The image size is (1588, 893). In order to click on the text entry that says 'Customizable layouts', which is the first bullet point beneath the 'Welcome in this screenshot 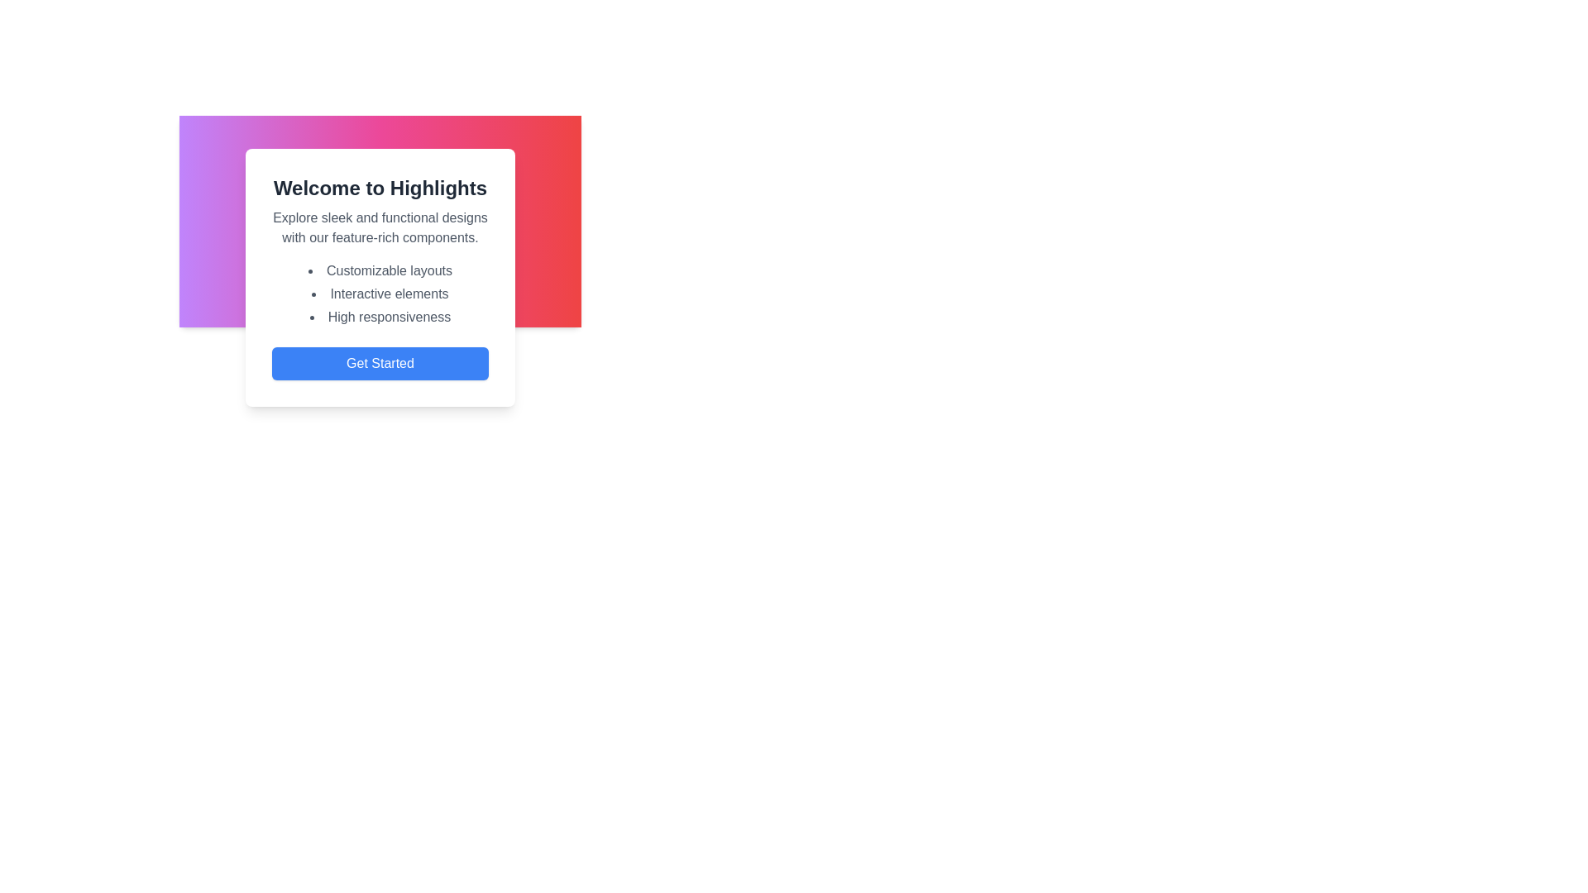, I will do `click(380, 276)`.